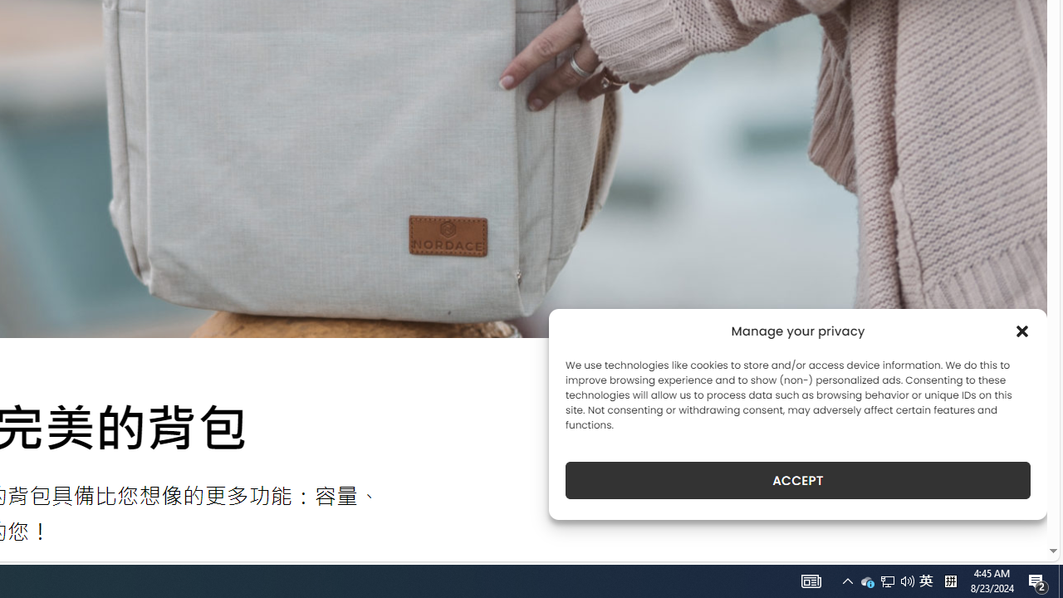 Image resolution: width=1063 pixels, height=598 pixels. I want to click on 'Class: cmplz-close', so click(1021, 331).